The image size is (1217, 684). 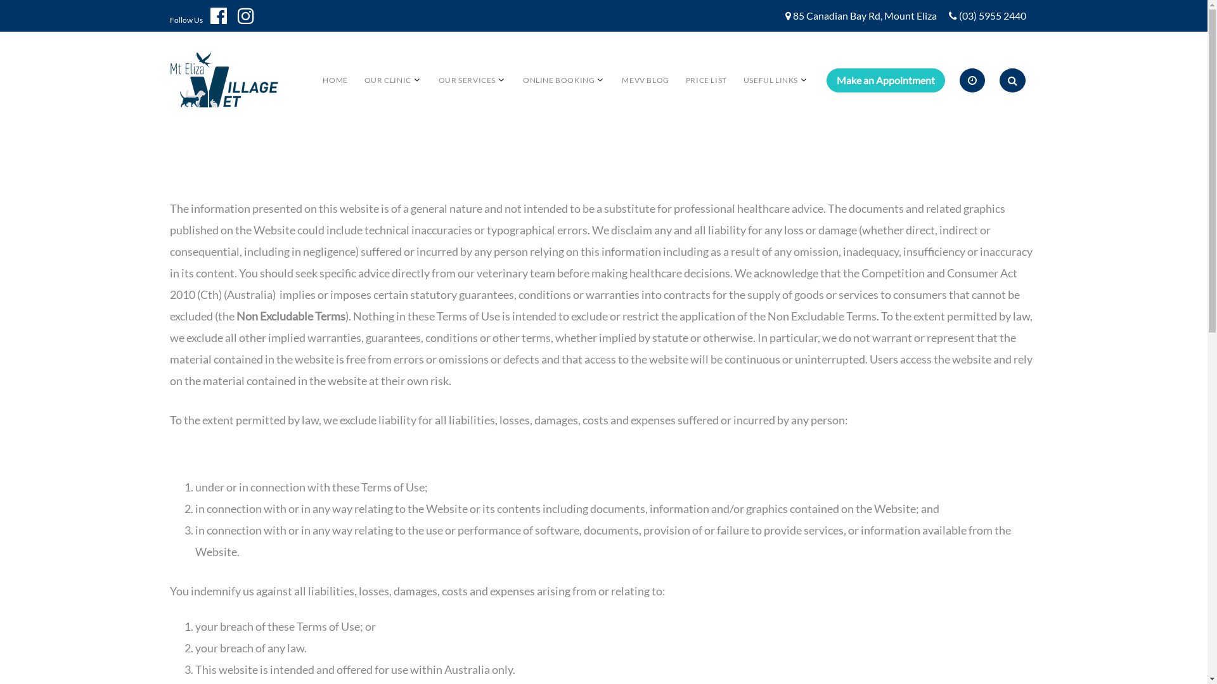 What do you see at coordinates (958, 16) in the screenshot?
I see `'(03) 5955 2440'` at bounding box center [958, 16].